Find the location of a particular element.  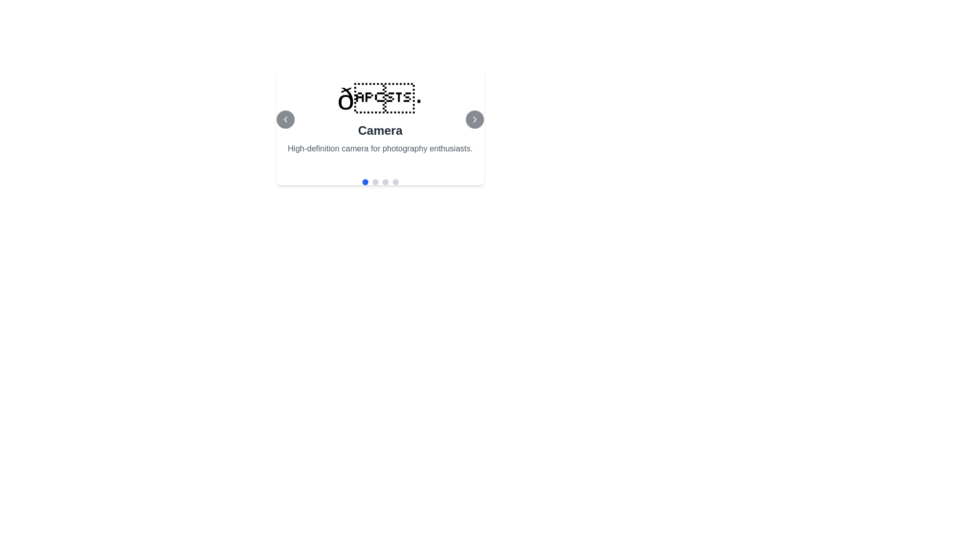

the left navigation button for the carousel is located at coordinates (285, 119).